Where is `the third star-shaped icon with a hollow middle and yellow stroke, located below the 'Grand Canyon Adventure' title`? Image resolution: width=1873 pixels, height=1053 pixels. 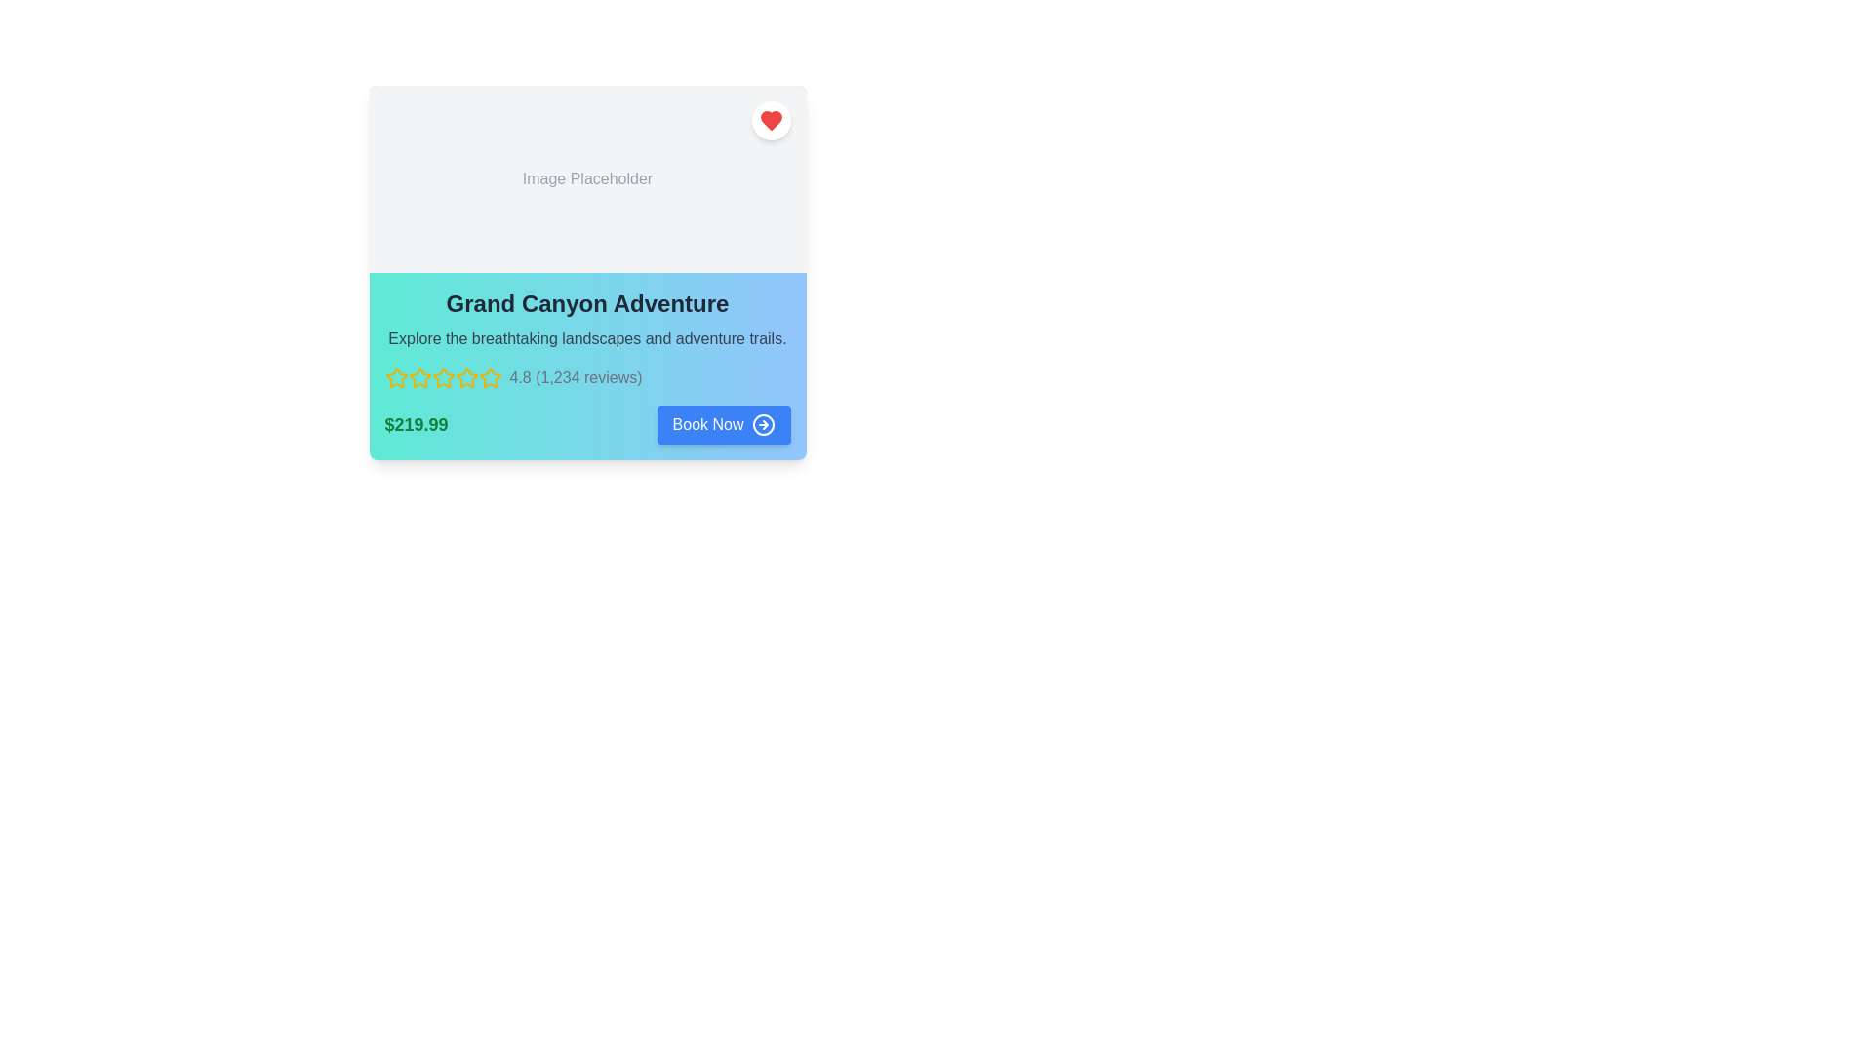
the third star-shaped icon with a hollow middle and yellow stroke, located below the 'Grand Canyon Adventure' title is located at coordinates (418, 378).